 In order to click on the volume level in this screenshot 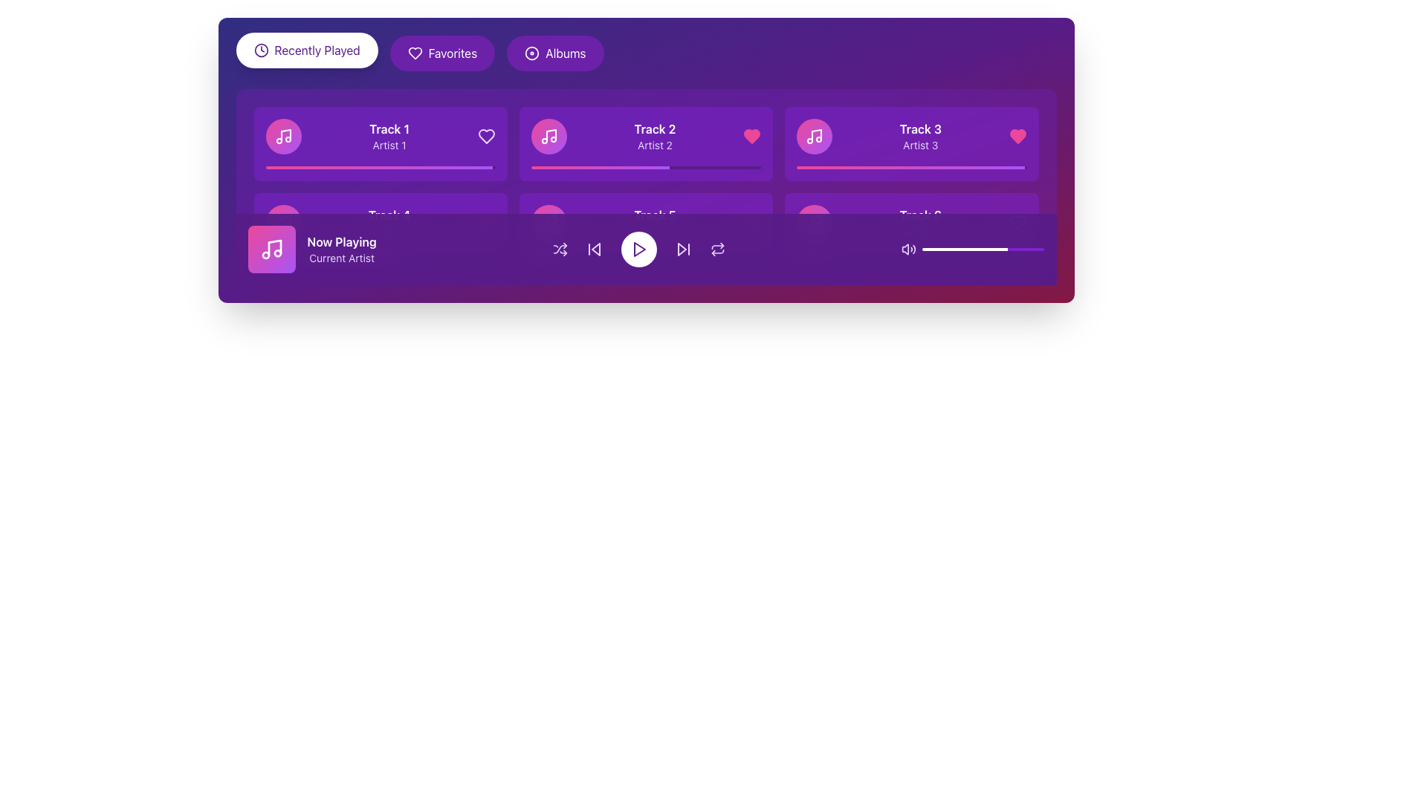, I will do `click(928, 248)`.